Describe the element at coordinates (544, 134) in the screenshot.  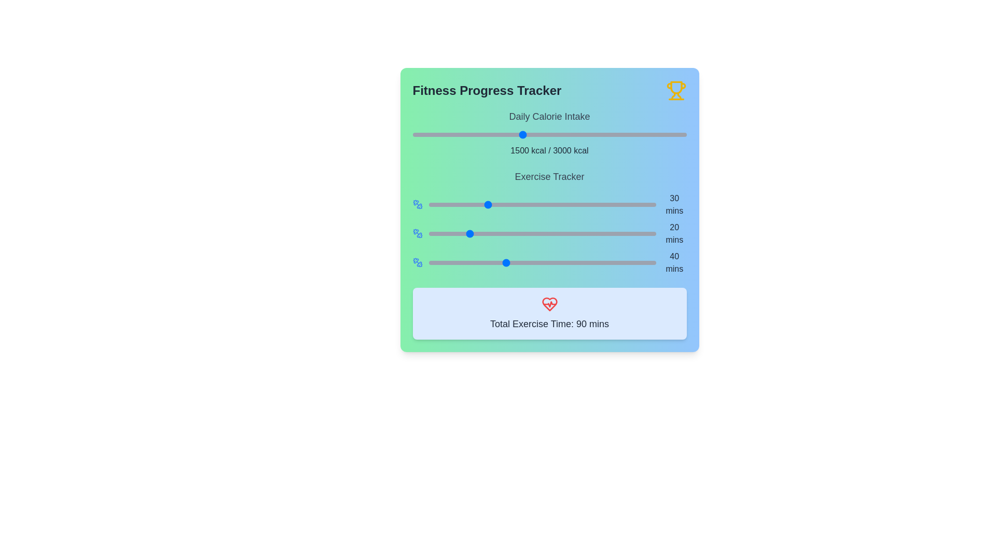
I see `calorie intake` at that location.